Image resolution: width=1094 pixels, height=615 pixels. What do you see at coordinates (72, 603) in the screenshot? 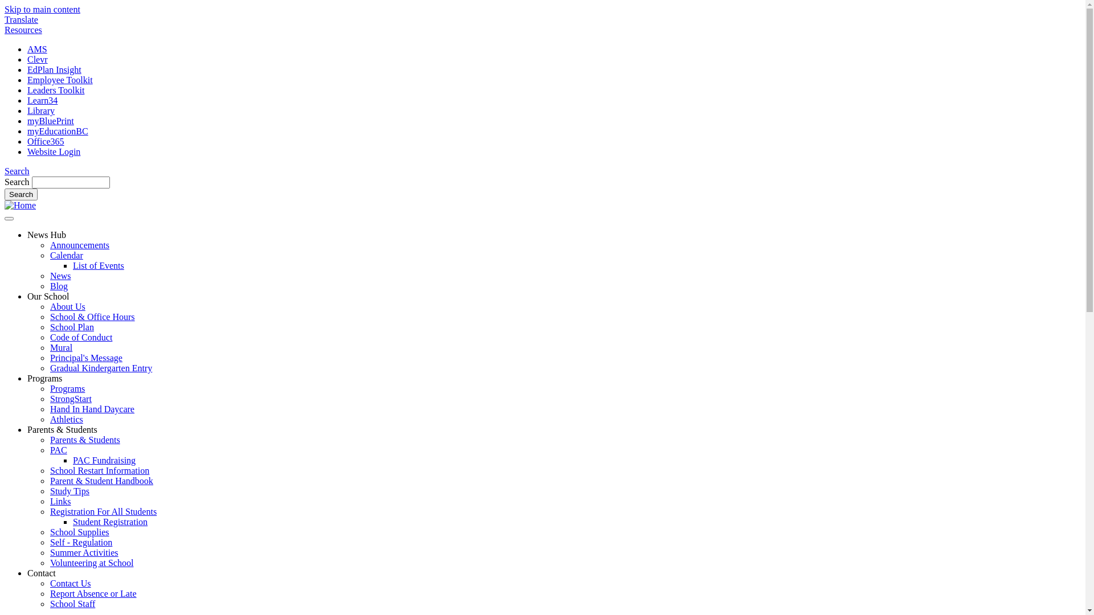
I see `'School Staff'` at bounding box center [72, 603].